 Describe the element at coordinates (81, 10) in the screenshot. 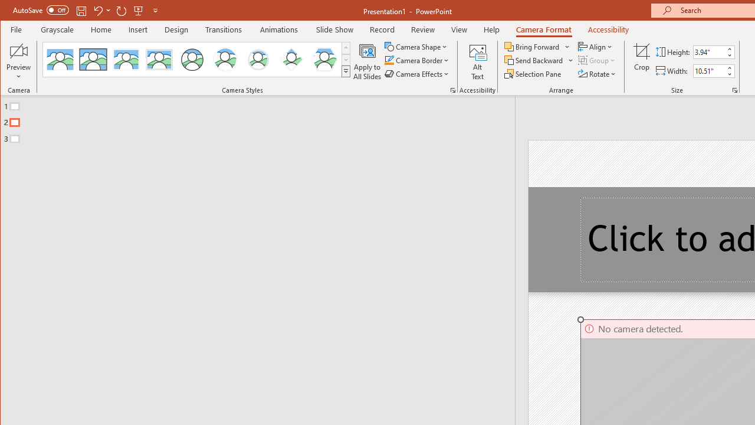

I see `'Save'` at that location.